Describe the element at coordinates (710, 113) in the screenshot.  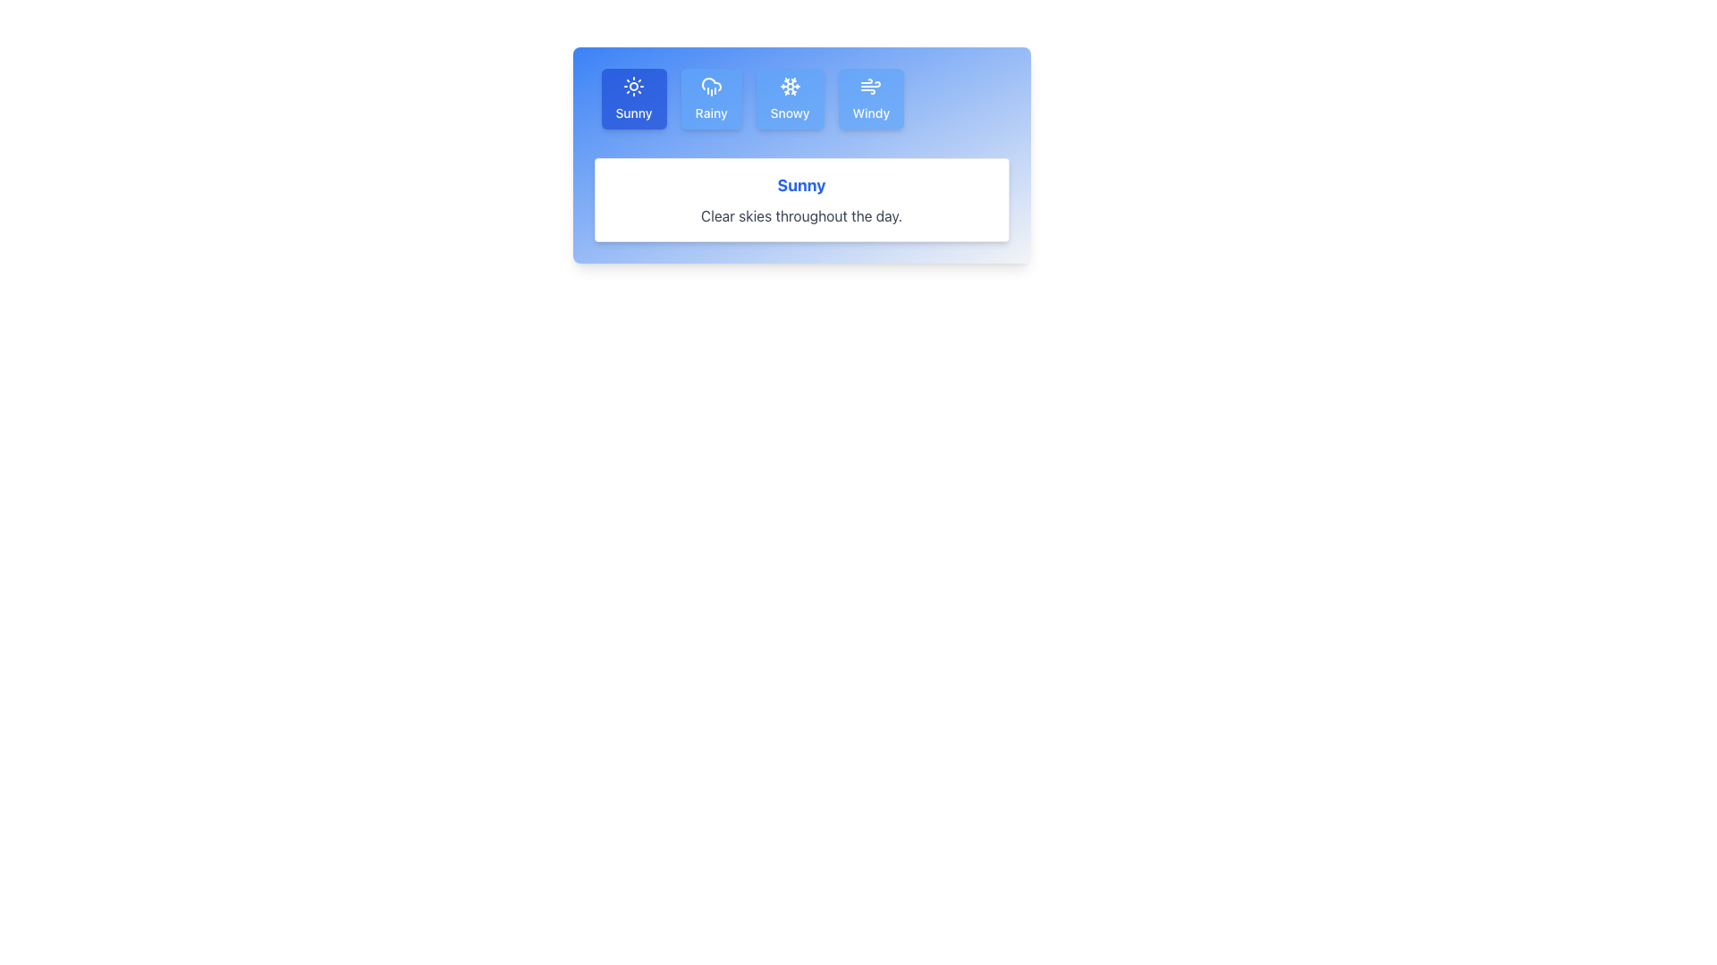
I see `label indicating the weather type 'Rainy' which is located in the second button from the left in a group of horizontally arranged weather buttons, aligned below a cloud with rain icon` at that location.